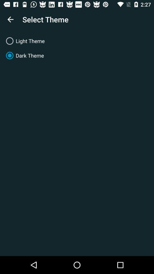  I want to click on item above light theme, so click(10, 19).